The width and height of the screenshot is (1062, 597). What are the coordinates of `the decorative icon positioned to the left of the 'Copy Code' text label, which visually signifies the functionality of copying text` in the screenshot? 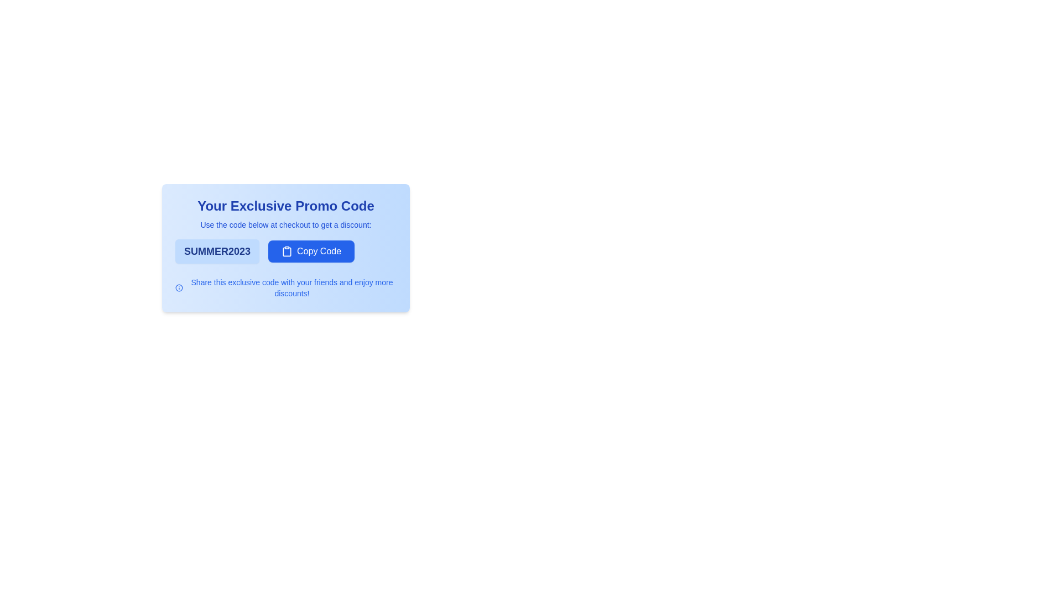 It's located at (287, 252).